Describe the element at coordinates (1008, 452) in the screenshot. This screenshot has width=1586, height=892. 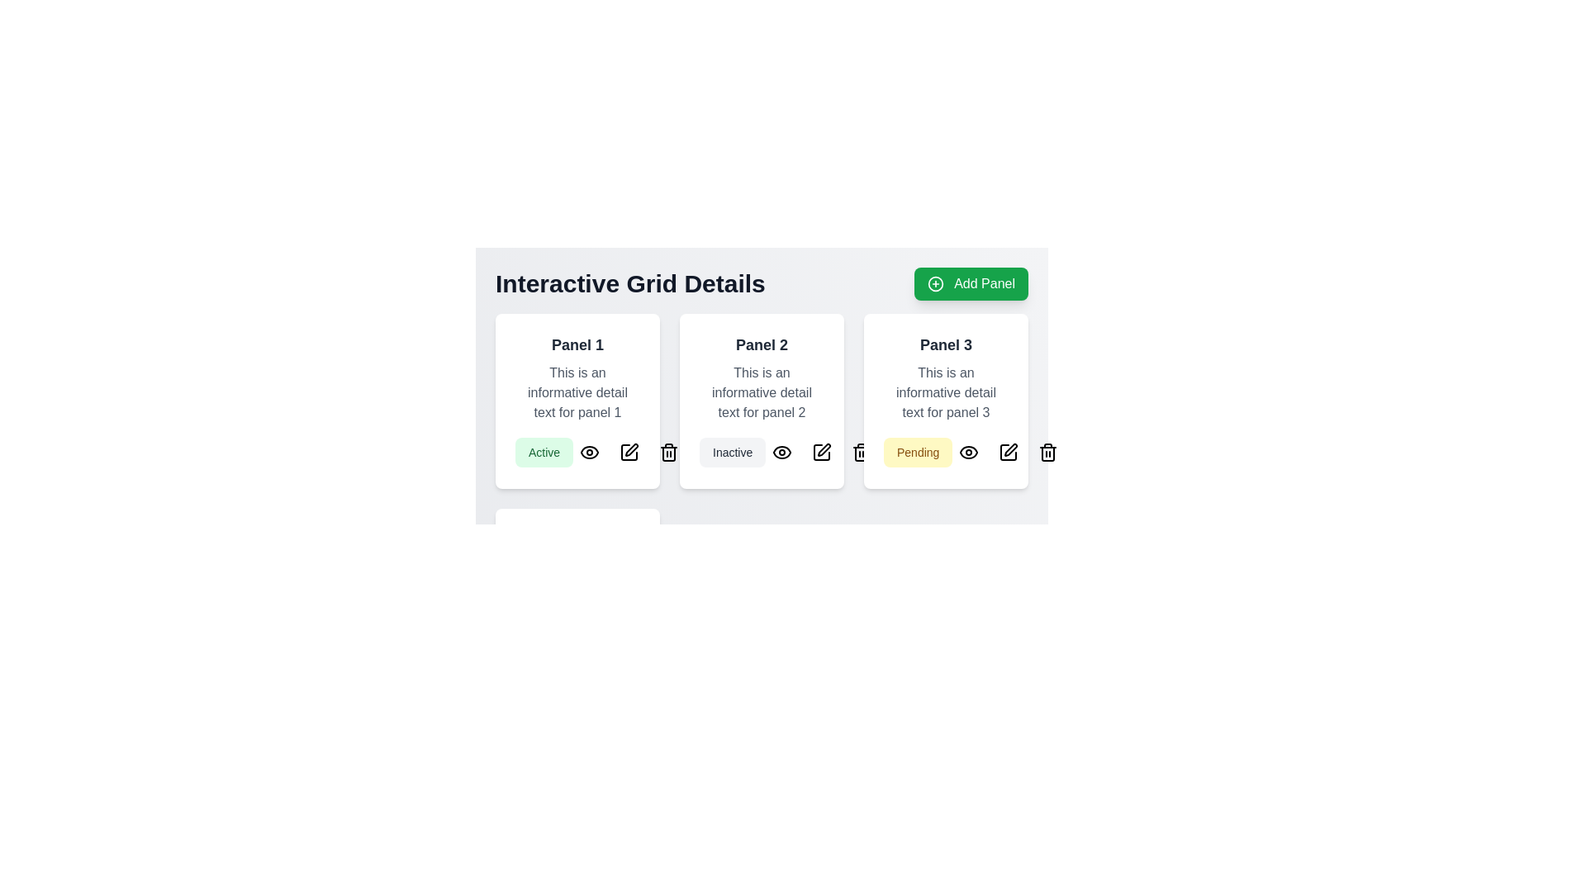
I see `the left side segment of the 'edit' icon located in the center-bottom area of Panel 3 to initiate editing or customization` at that location.